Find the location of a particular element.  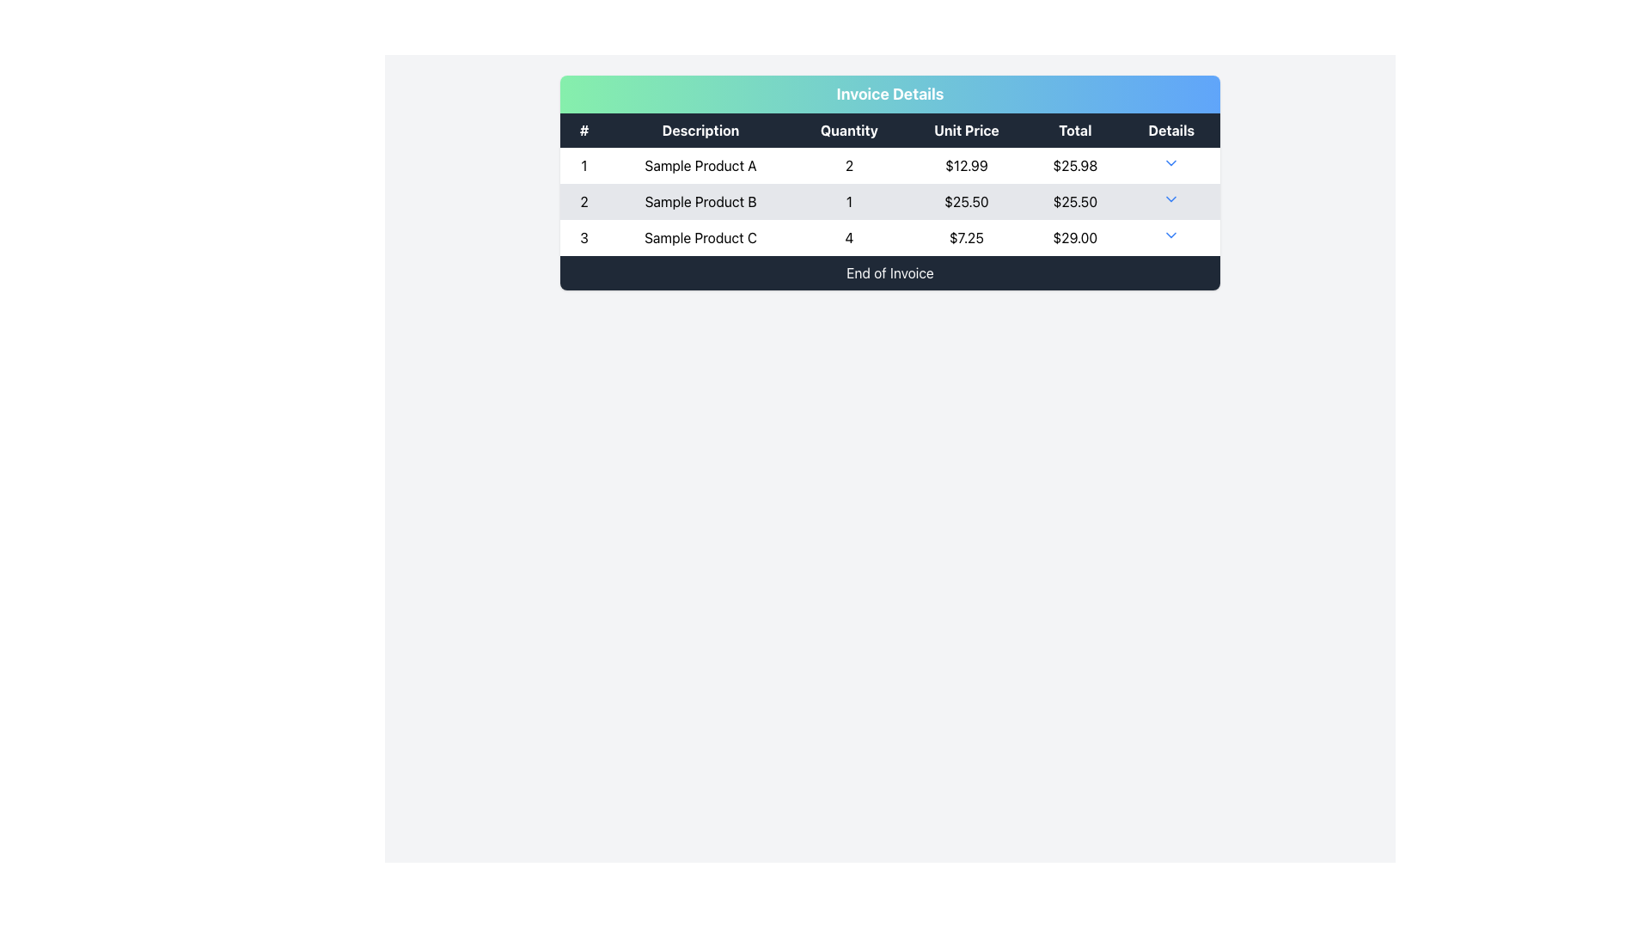

the static text label displaying the quantity amount of 'Sample Product A' in the table's third column is located at coordinates (849, 165).